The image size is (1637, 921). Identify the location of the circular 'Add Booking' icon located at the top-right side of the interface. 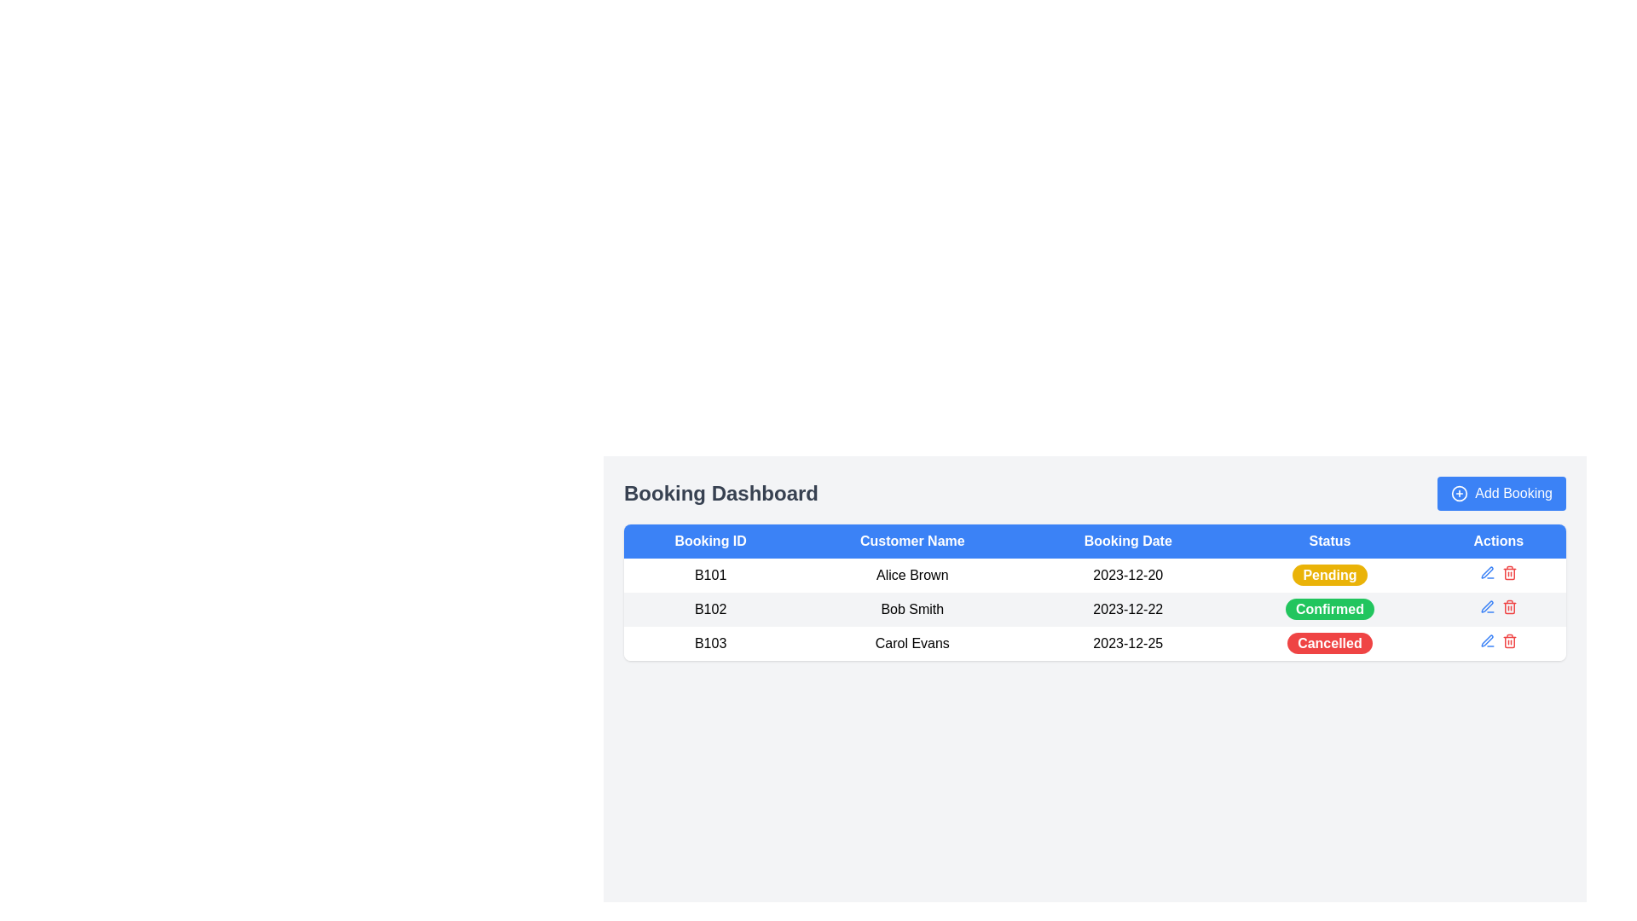
(1459, 493).